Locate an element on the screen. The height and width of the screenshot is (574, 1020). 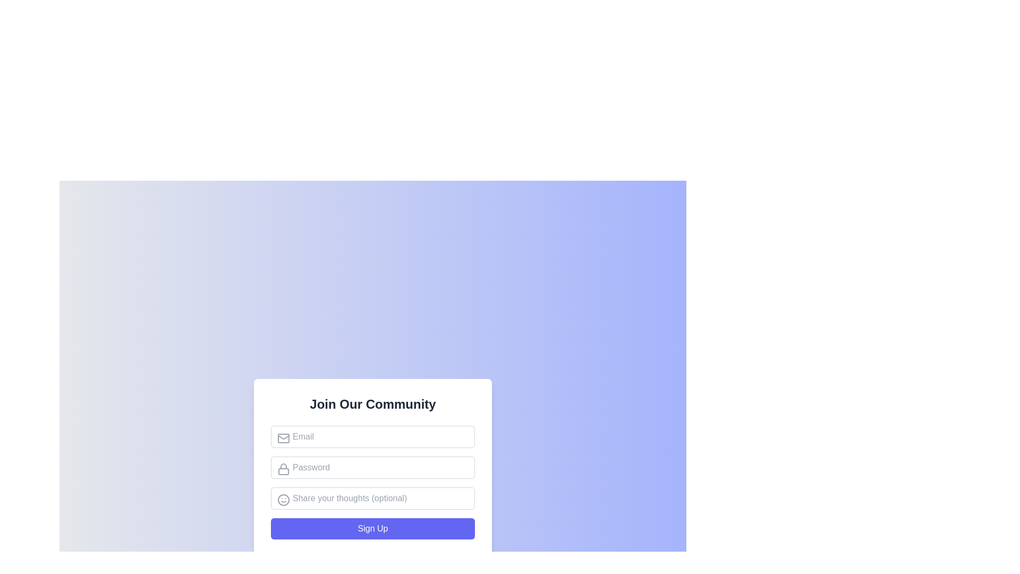
the smiley face icon located to the left of the input field labeled 'Share your thoughts (optional)', which is vertically aligned with the top of the field is located at coordinates (283, 500).